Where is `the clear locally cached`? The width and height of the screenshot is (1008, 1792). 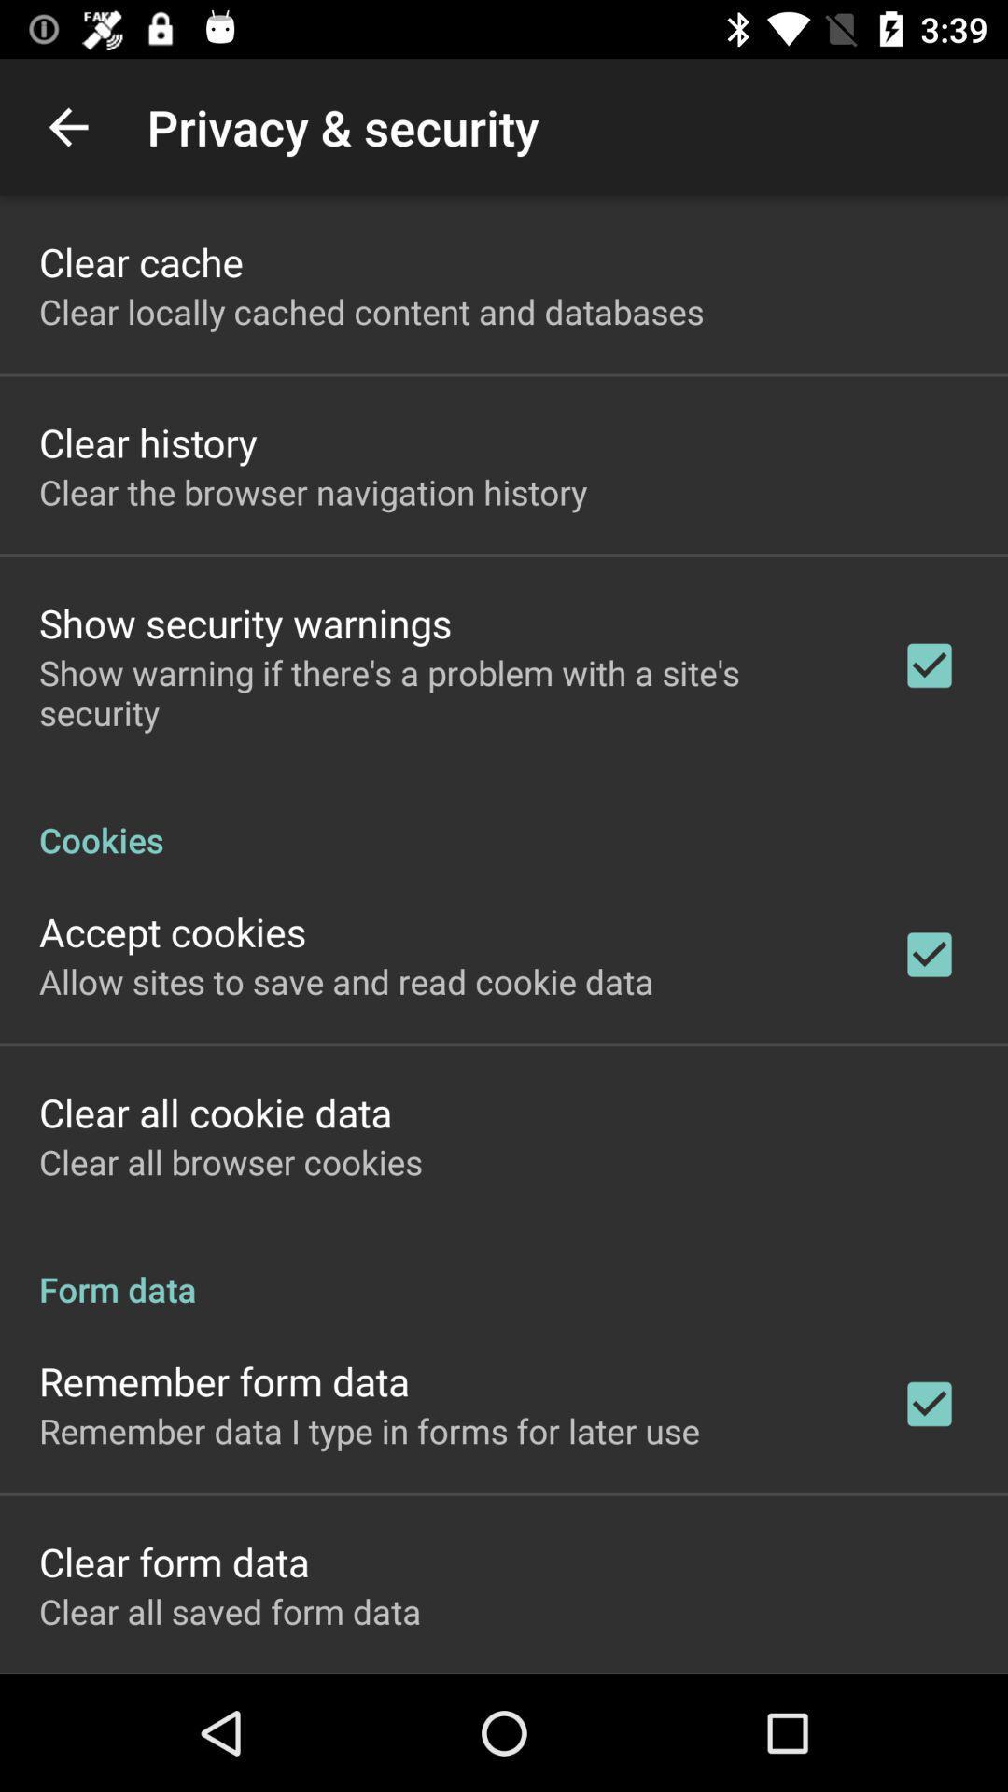 the clear locally cached is located at coordinates (371, 311).